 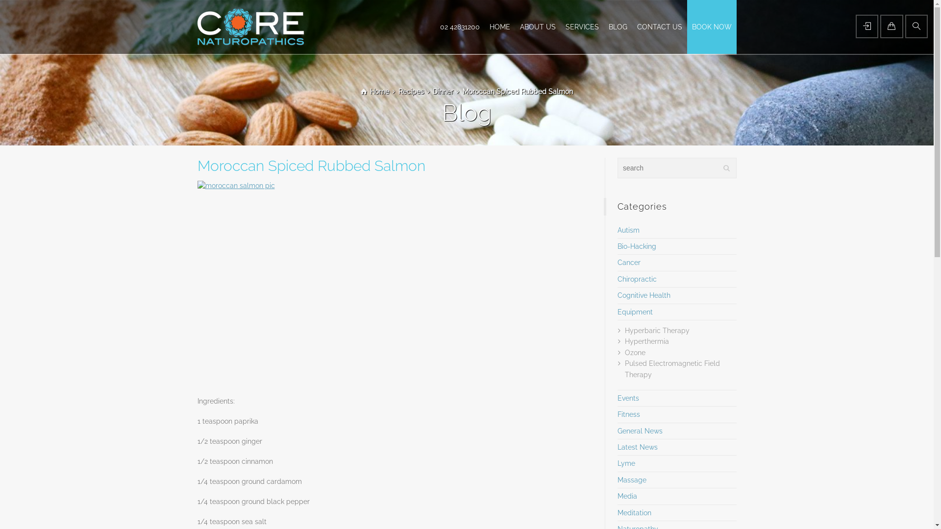 I want to click on 'Core Naturopathics', so click(x=250, y=26).